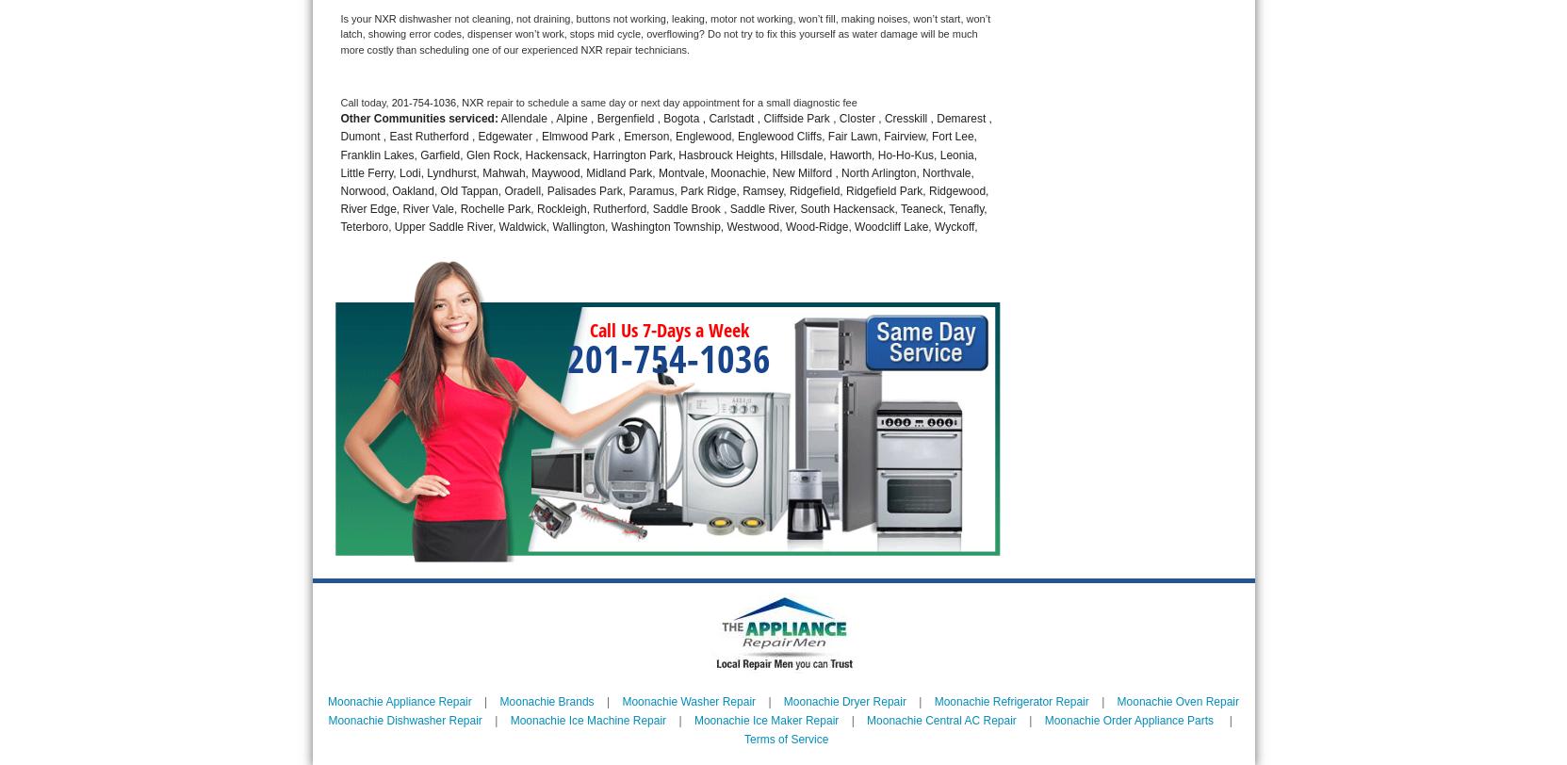 This screenshot has width=1567, height=765. What do you see at coordinates (786, 739) in the screenshot?
I see `'Terms of Service'` at bounding box center [786, 739].